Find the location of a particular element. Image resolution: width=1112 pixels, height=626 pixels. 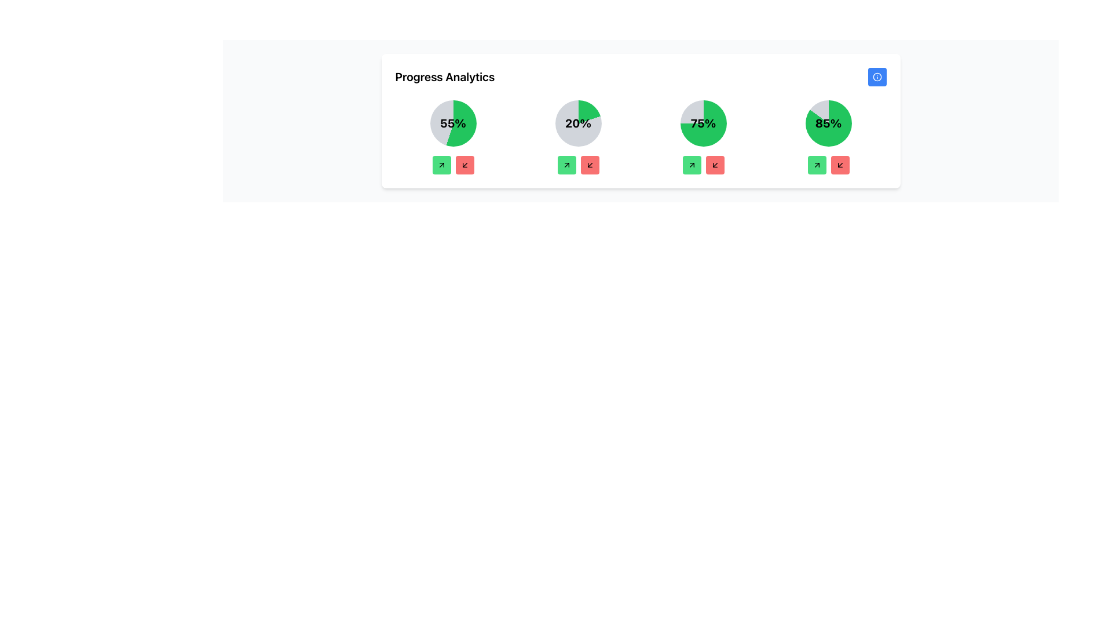

the value displayed in the Circular Progress Indicator that shows 75% completion, positioned in the middle of the interface card, between the 20% and 85% indicators is located at coordinates (703, 123).